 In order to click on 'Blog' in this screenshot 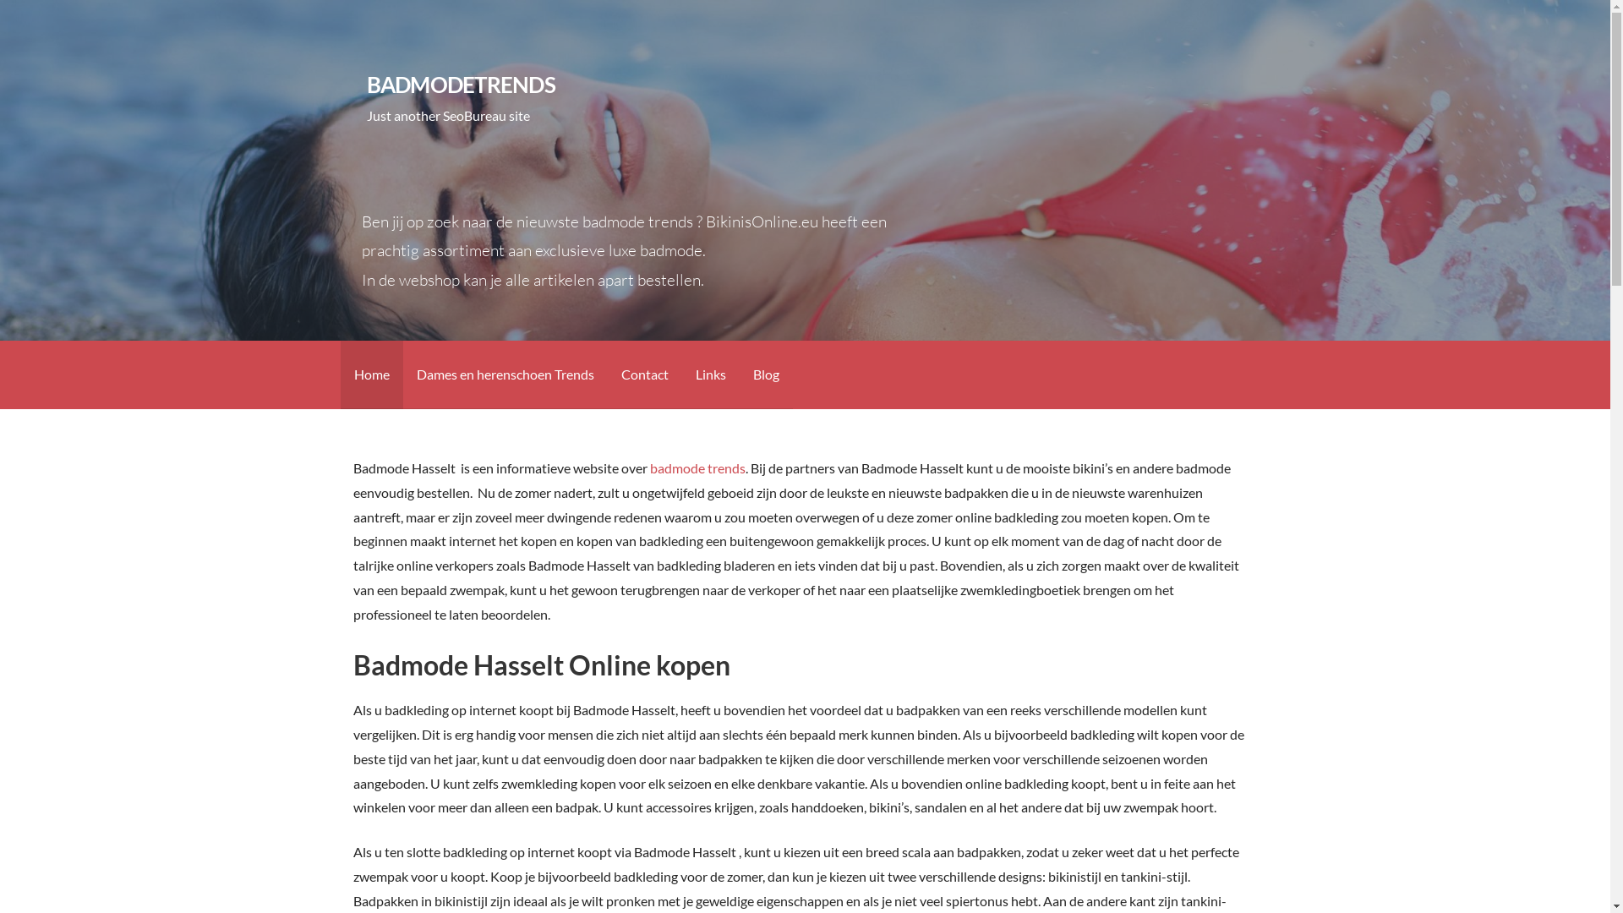, I will do `click(764, 374)`.